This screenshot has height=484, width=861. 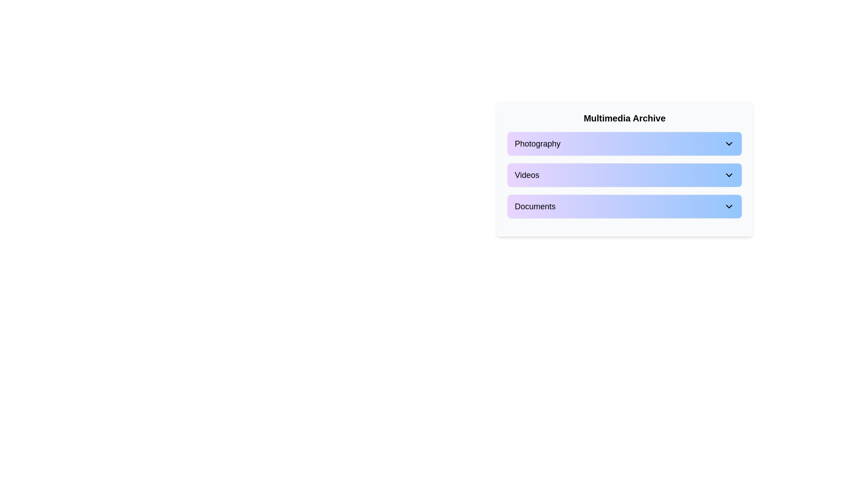 What do you see at coordinates (729, 175) in the screenshot?
I see `the Dropdown indicator icon, which is a black SVG chevron located at the far-right end of the 'Videos' button` at bounding box center [729, 175].